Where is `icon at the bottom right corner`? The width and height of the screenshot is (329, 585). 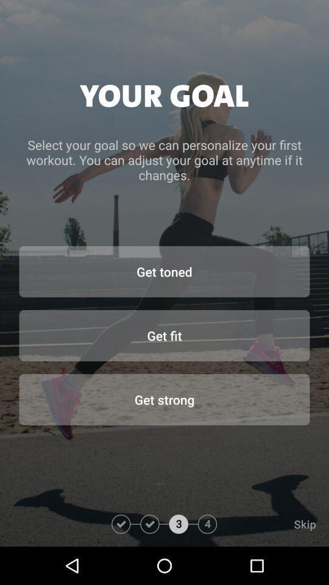
icon at the bottom right corner is located at coordinates (273, 523).